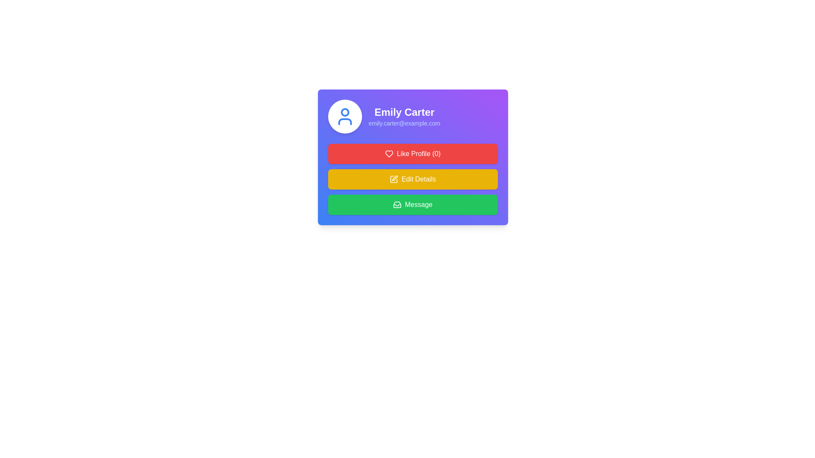 Image resolution: width=815 pixels, height=458 pixels. Describe the element at coordinates (413, 157) in the screenshot. I see `the 'Like Profile (0)' button with a red background and white text, located below the username 'Emily Carter' and the email address 'emily.carter@example.com'` at that location.